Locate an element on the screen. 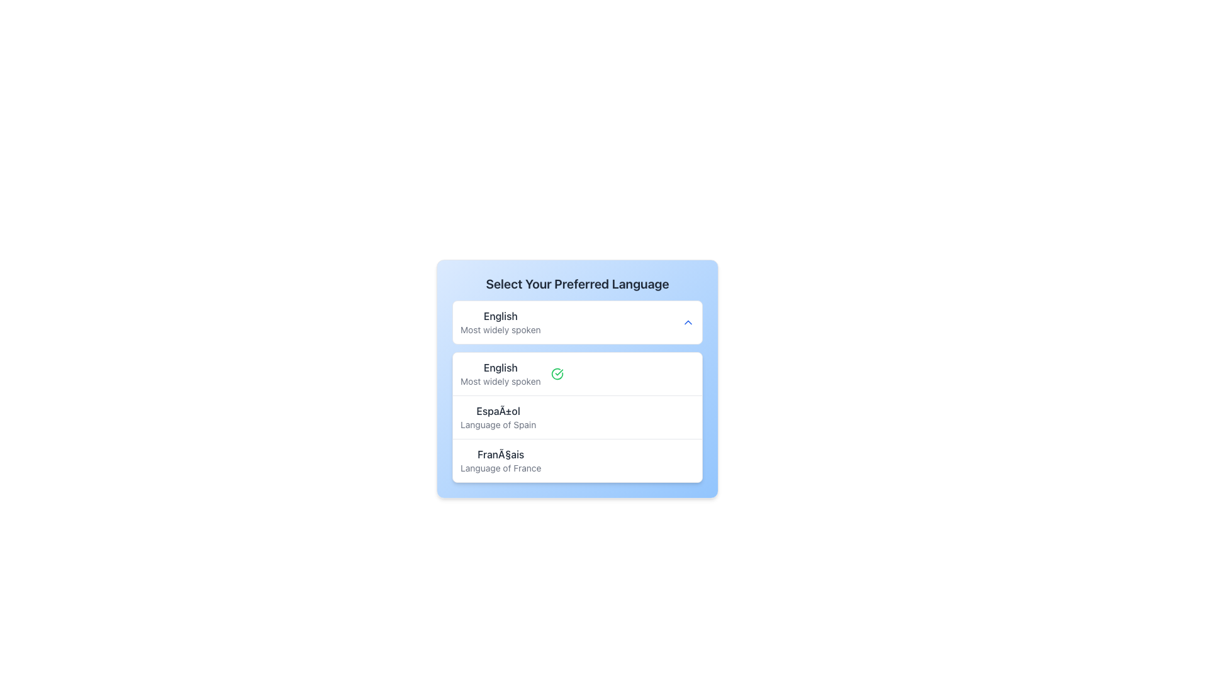 The width and height of the screenshot is (1208, 679). the text label for the 'French' language option located in the dropdown menu, which is the third entry in the list below 'Español' is located at coordinates (500, 460).